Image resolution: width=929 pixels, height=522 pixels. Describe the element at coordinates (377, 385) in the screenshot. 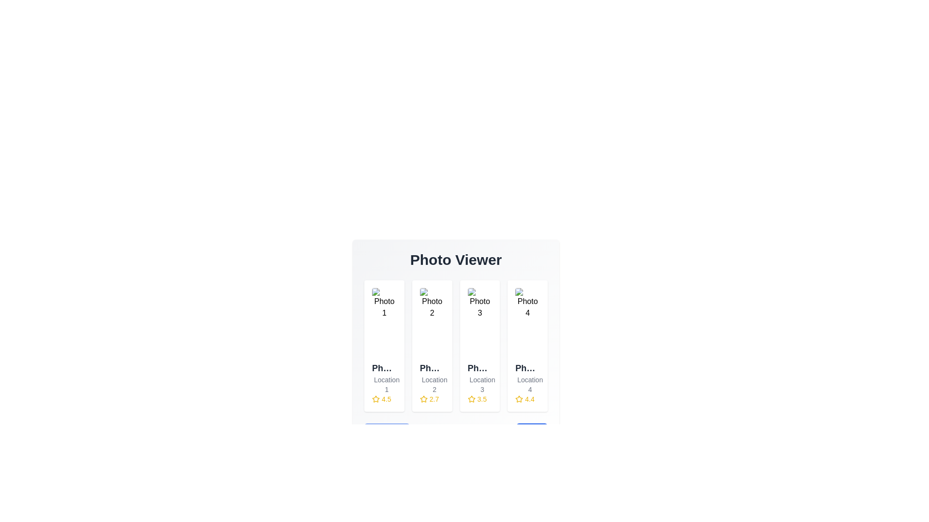

I see `the geographical location icon located in the leftmost column below the heading 'Photo 1', which indicates location-specific details` at that location.